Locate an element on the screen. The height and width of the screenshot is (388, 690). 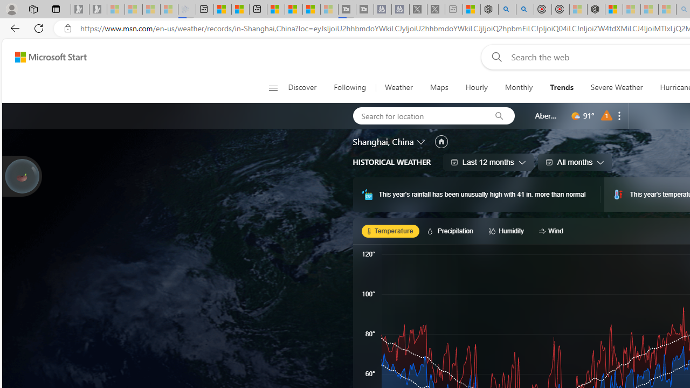
'Humidity' is located at coordinates (507, 230).